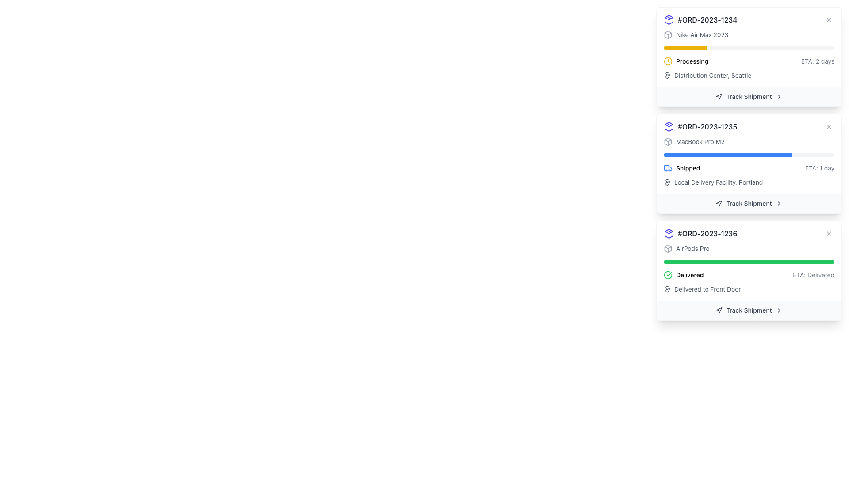 Image resolution: width=849 pixels, height=477 pixels. What do you see at coordinates (713, 75) in the screenshot?
I see `the Text Label reading 'Distribution Center, Seattle', which is styled in gray and positioned below the yellow progress bar and beside a location icon` at bounding box center [713, 75].